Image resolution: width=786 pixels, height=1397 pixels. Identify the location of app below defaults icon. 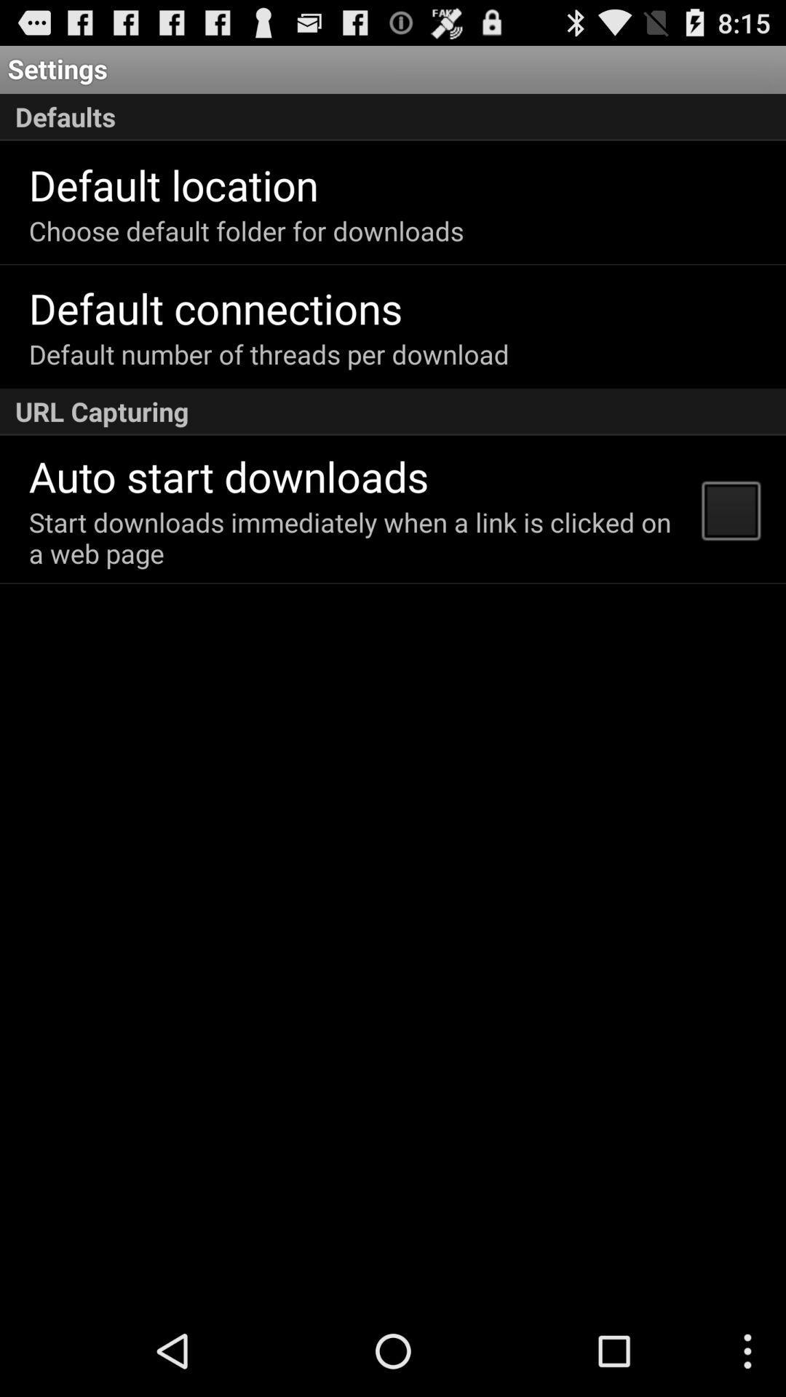
(172, 183).